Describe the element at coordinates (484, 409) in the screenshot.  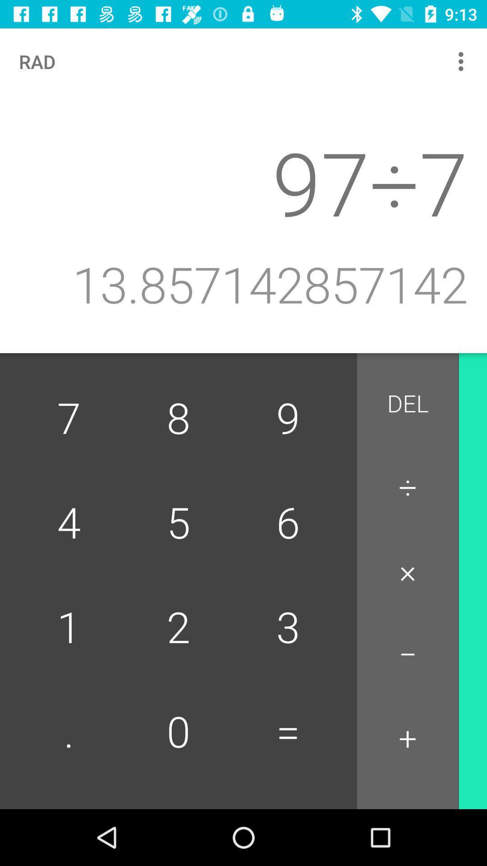
I see `the inv item` at that location.